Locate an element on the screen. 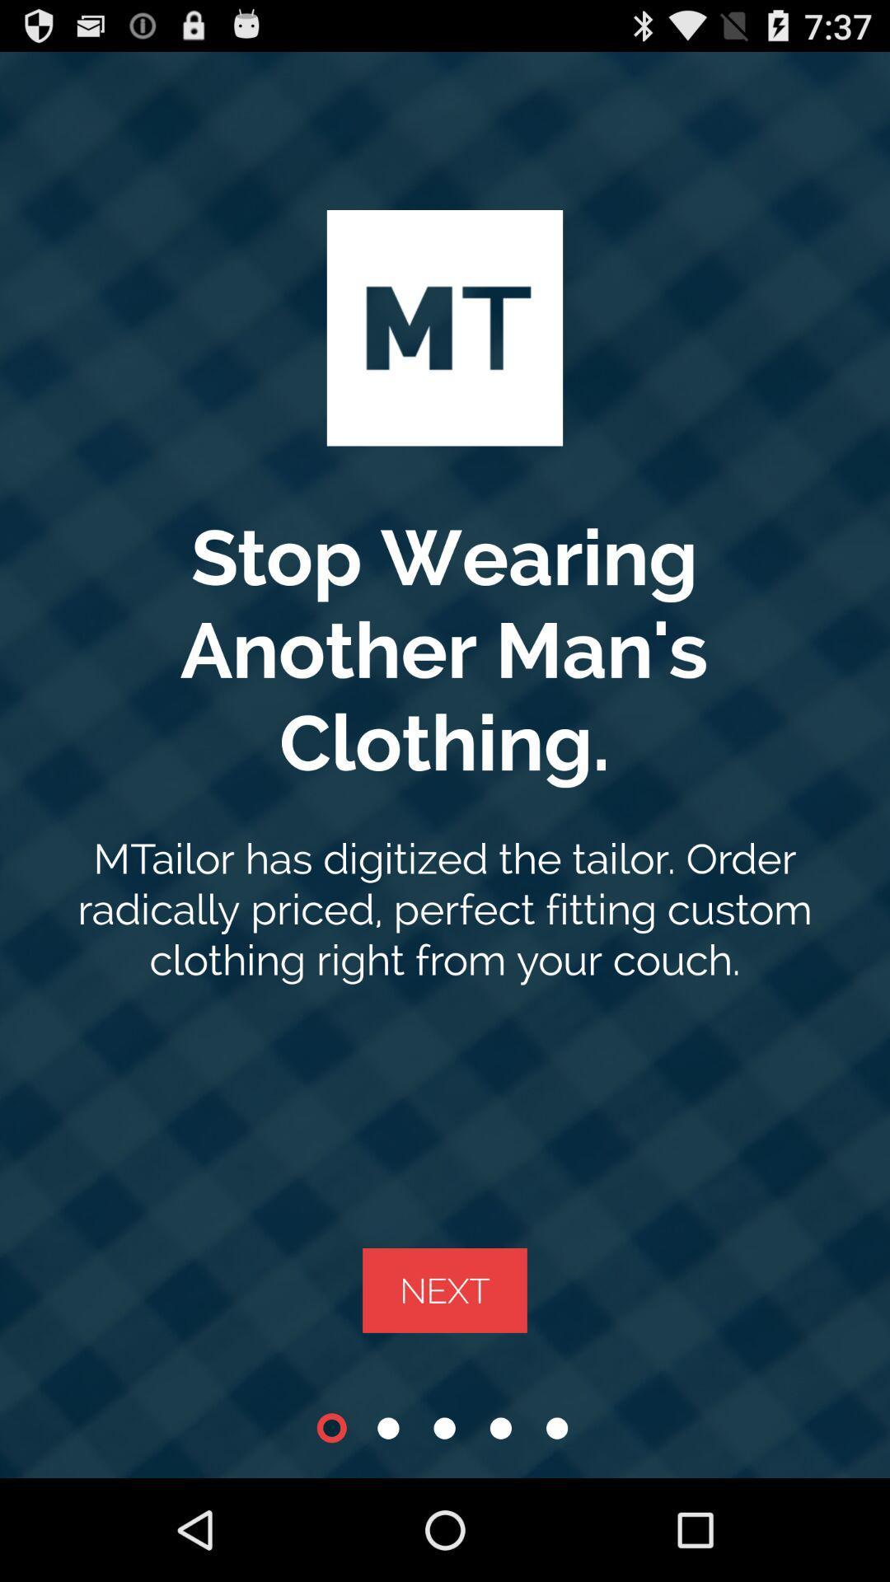 Image resolution: width=890 pixels, height=1582 pixels. icon below the mtailor has digitized item is located at coordinates (445, 1289).